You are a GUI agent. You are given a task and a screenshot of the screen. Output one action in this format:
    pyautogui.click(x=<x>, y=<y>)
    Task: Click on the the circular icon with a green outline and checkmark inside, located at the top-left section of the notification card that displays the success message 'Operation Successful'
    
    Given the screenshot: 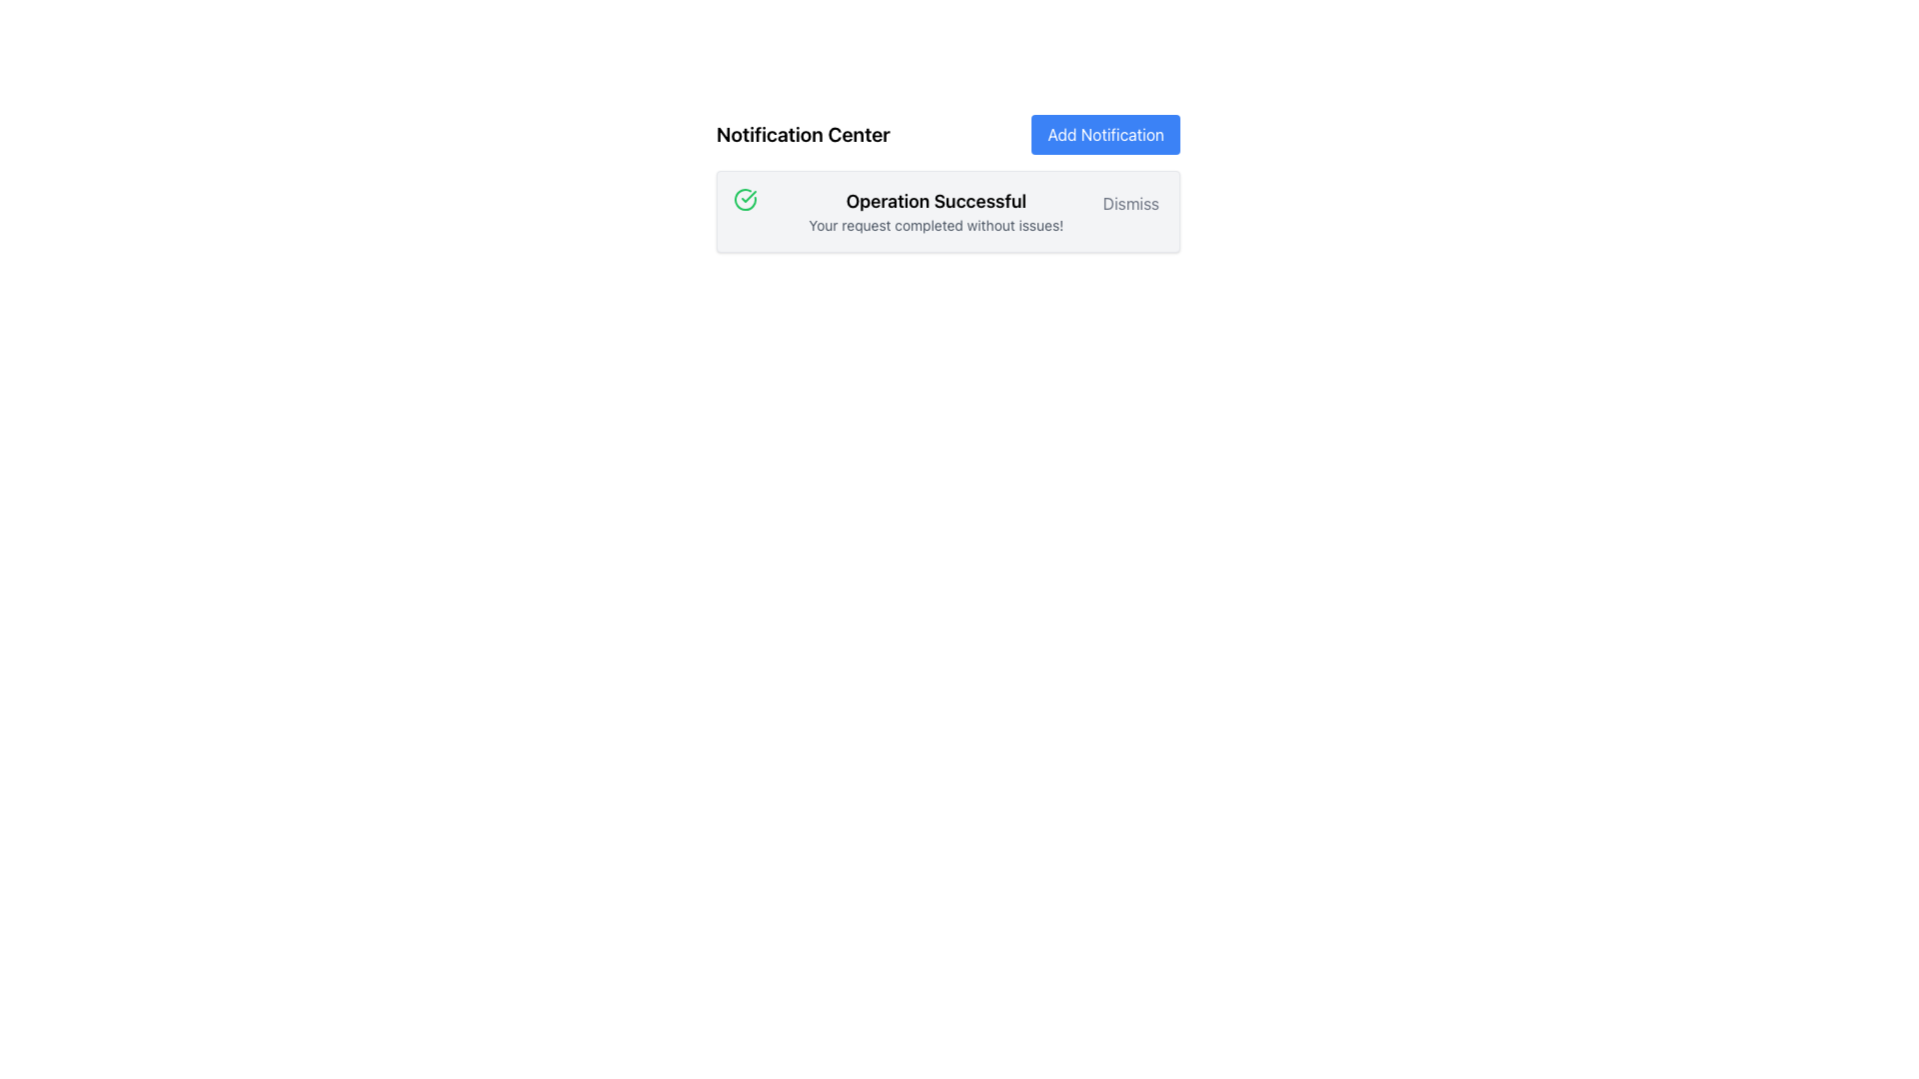 What is the action you would take?
    pyautogui.click(x=744, y=200)
    